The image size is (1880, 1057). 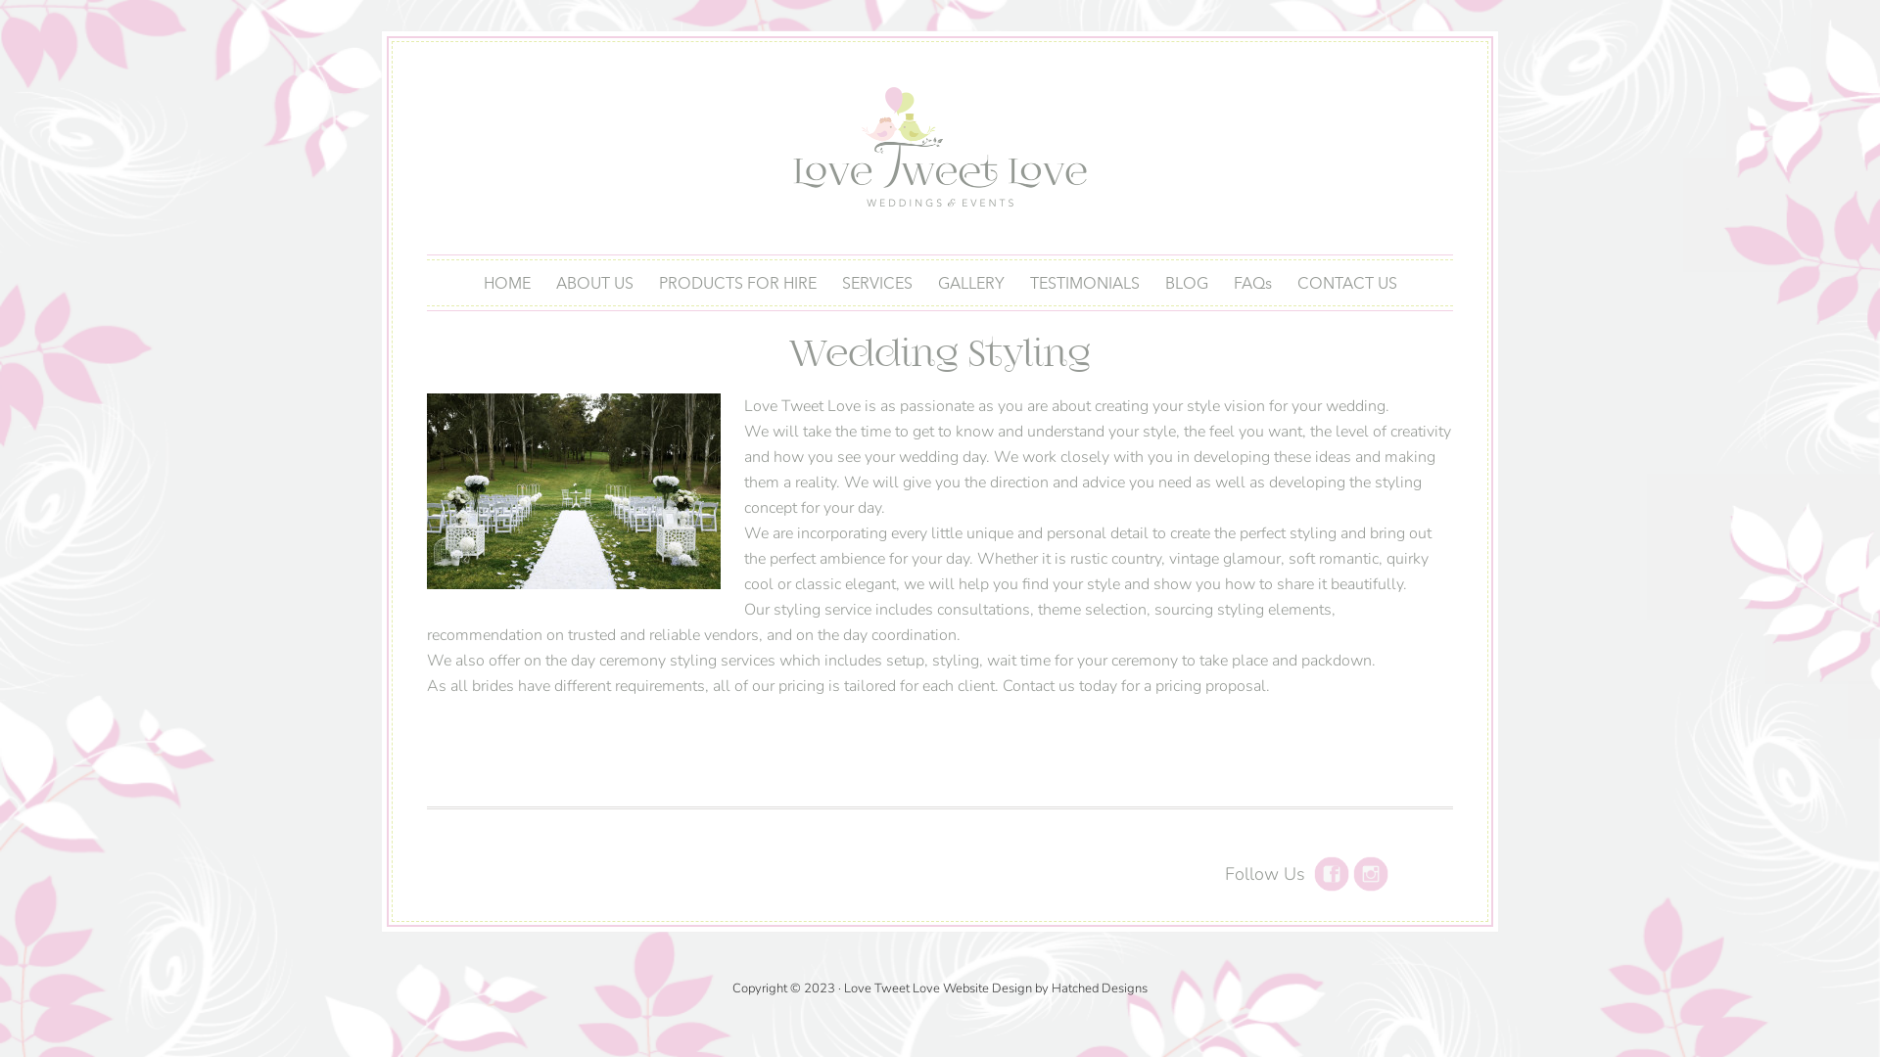 I want to click on 'GALLERY', so click(x=969, y=283).